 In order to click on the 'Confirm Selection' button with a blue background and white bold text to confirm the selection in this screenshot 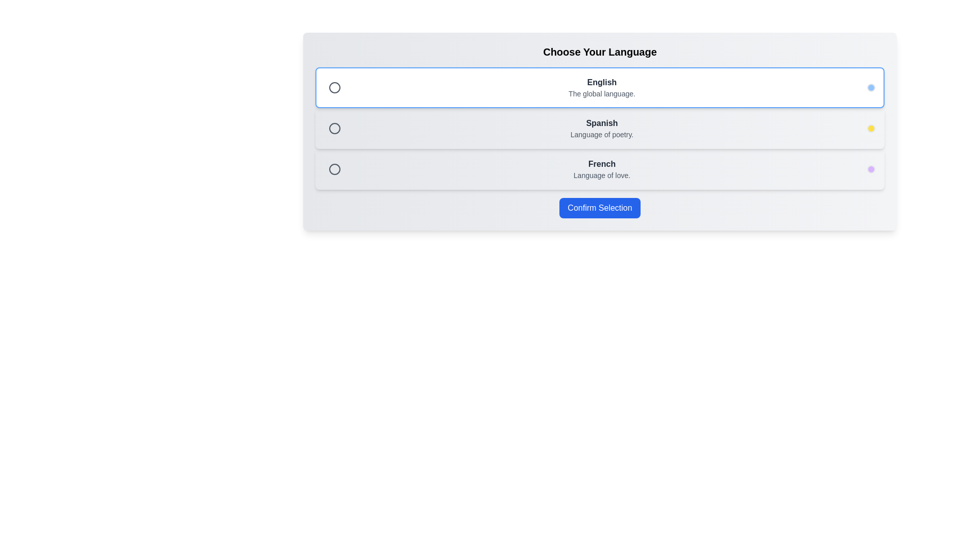, I will do `click(600, 208)`.